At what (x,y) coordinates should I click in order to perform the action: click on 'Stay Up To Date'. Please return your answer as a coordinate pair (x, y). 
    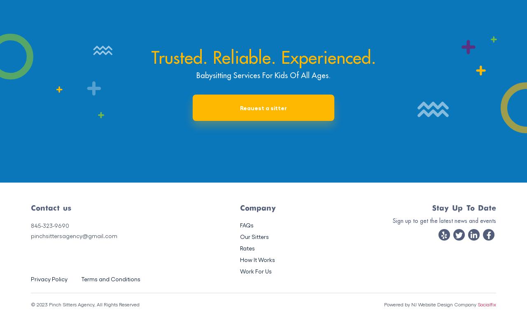
    Looking at the image, I should click on (464, 208).